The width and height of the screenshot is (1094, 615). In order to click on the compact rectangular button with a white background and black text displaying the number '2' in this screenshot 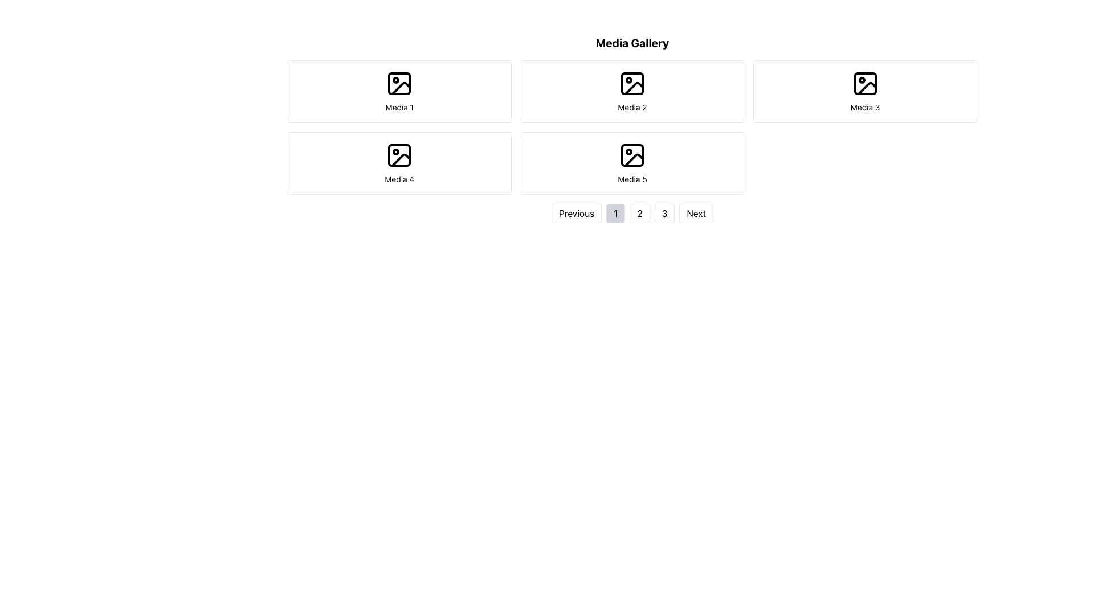, I will do `click(640, 213)`.